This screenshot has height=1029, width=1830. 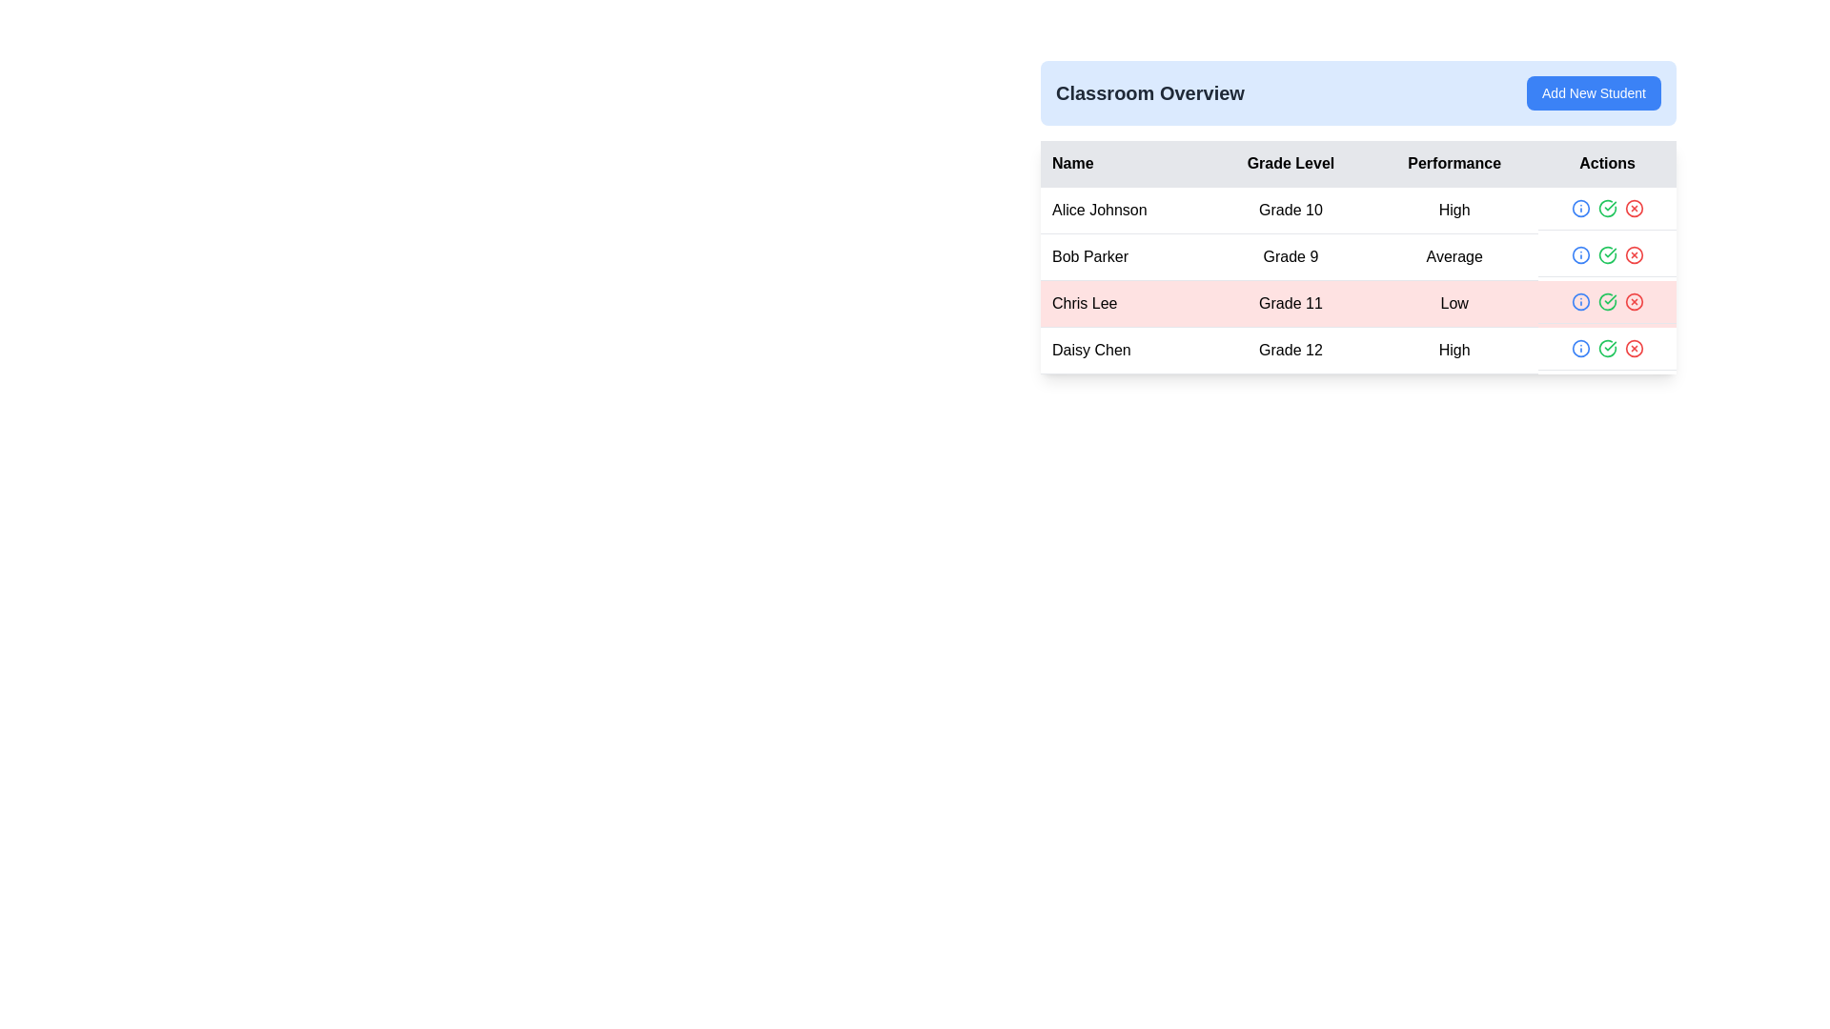 What do you see at coordinates (1606, 209) in the screenshot?
I see `the green circular icon with a white checkmark located` at bounding box center [1606, 209].